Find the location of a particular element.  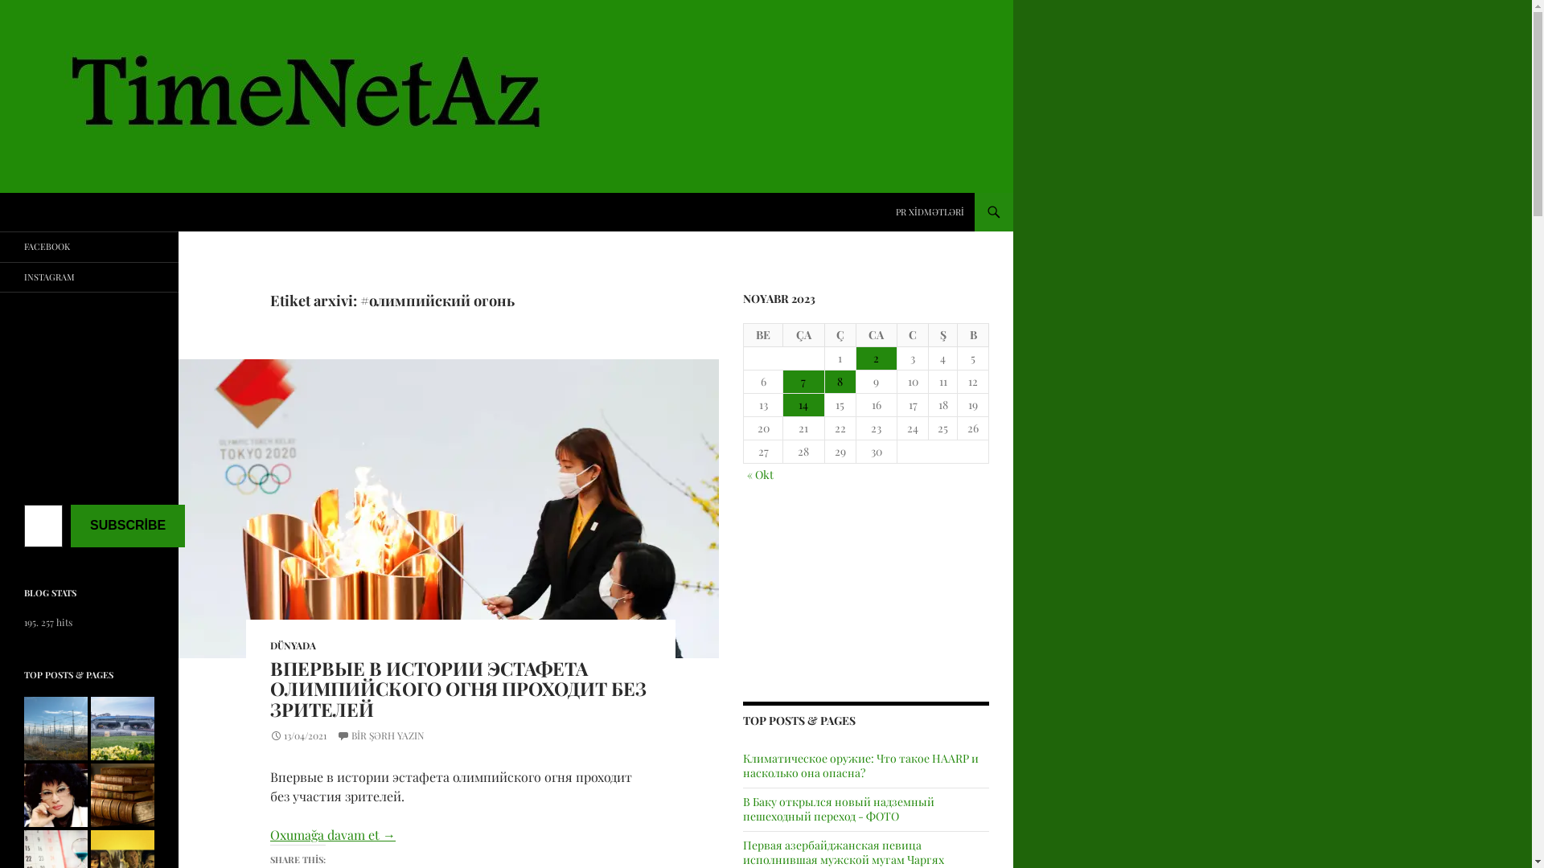

'2' is located at coordinates (876, 358).